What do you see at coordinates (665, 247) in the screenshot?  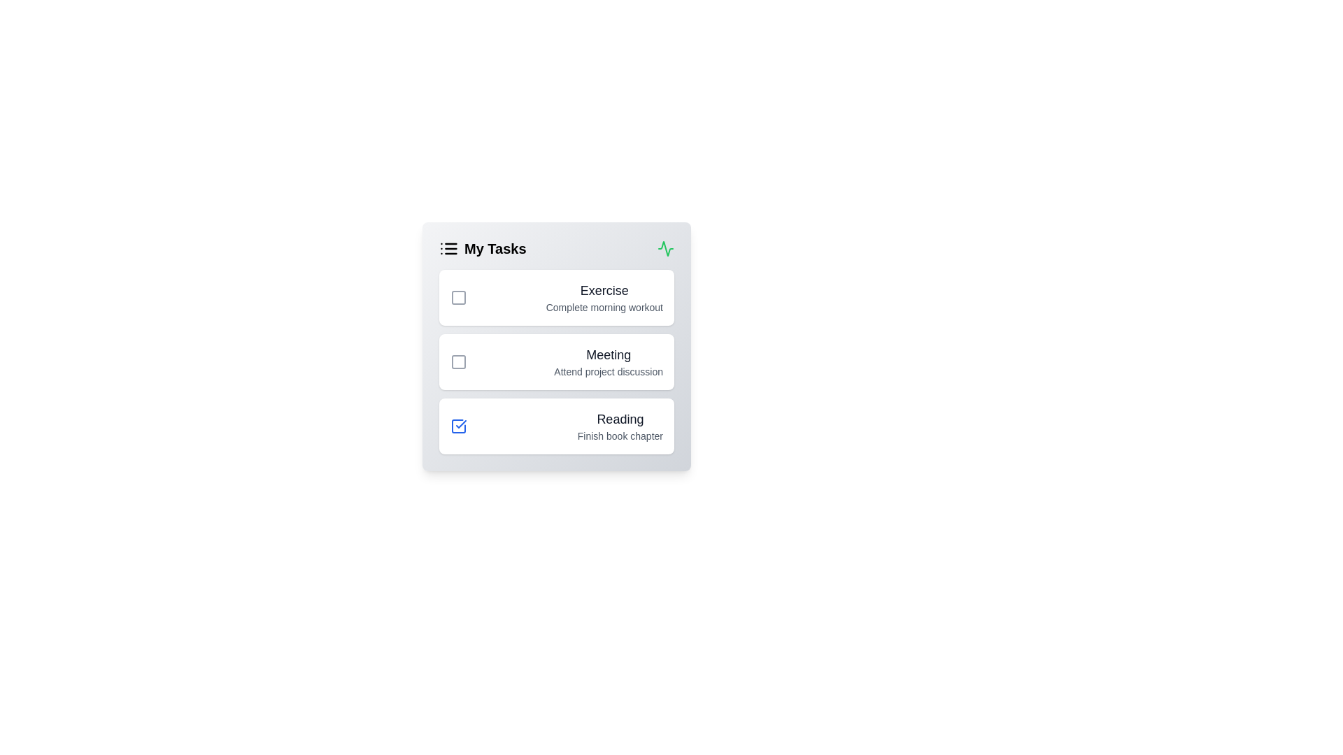 I see `the header icon activity` at bounding box center [665, 247].